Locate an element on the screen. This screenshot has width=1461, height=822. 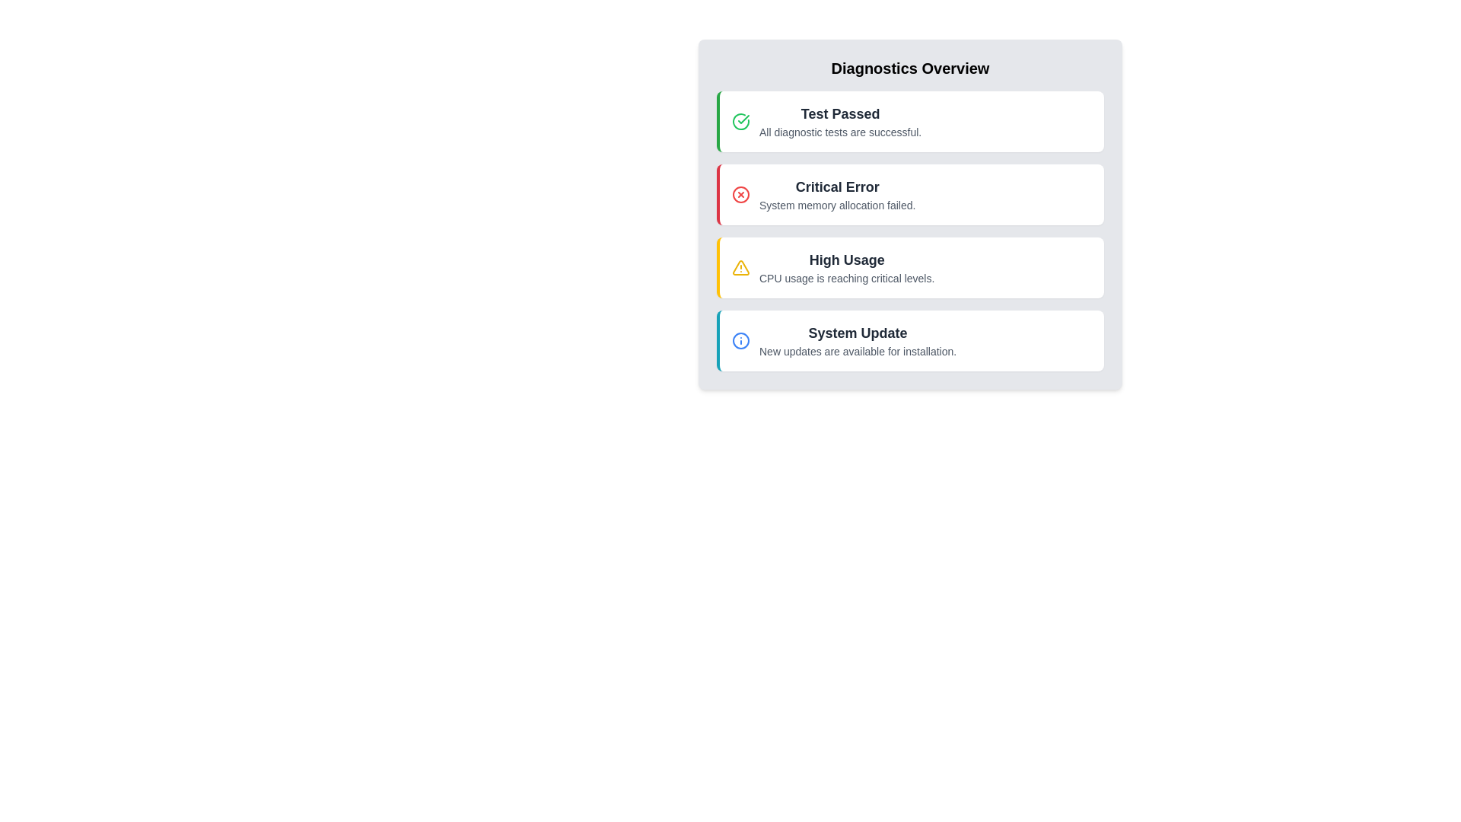
the last notification in the 'Diagnostics Overview' box, which features a bold title 'System Update' and a blue left border is located at coordinates (912, 339).